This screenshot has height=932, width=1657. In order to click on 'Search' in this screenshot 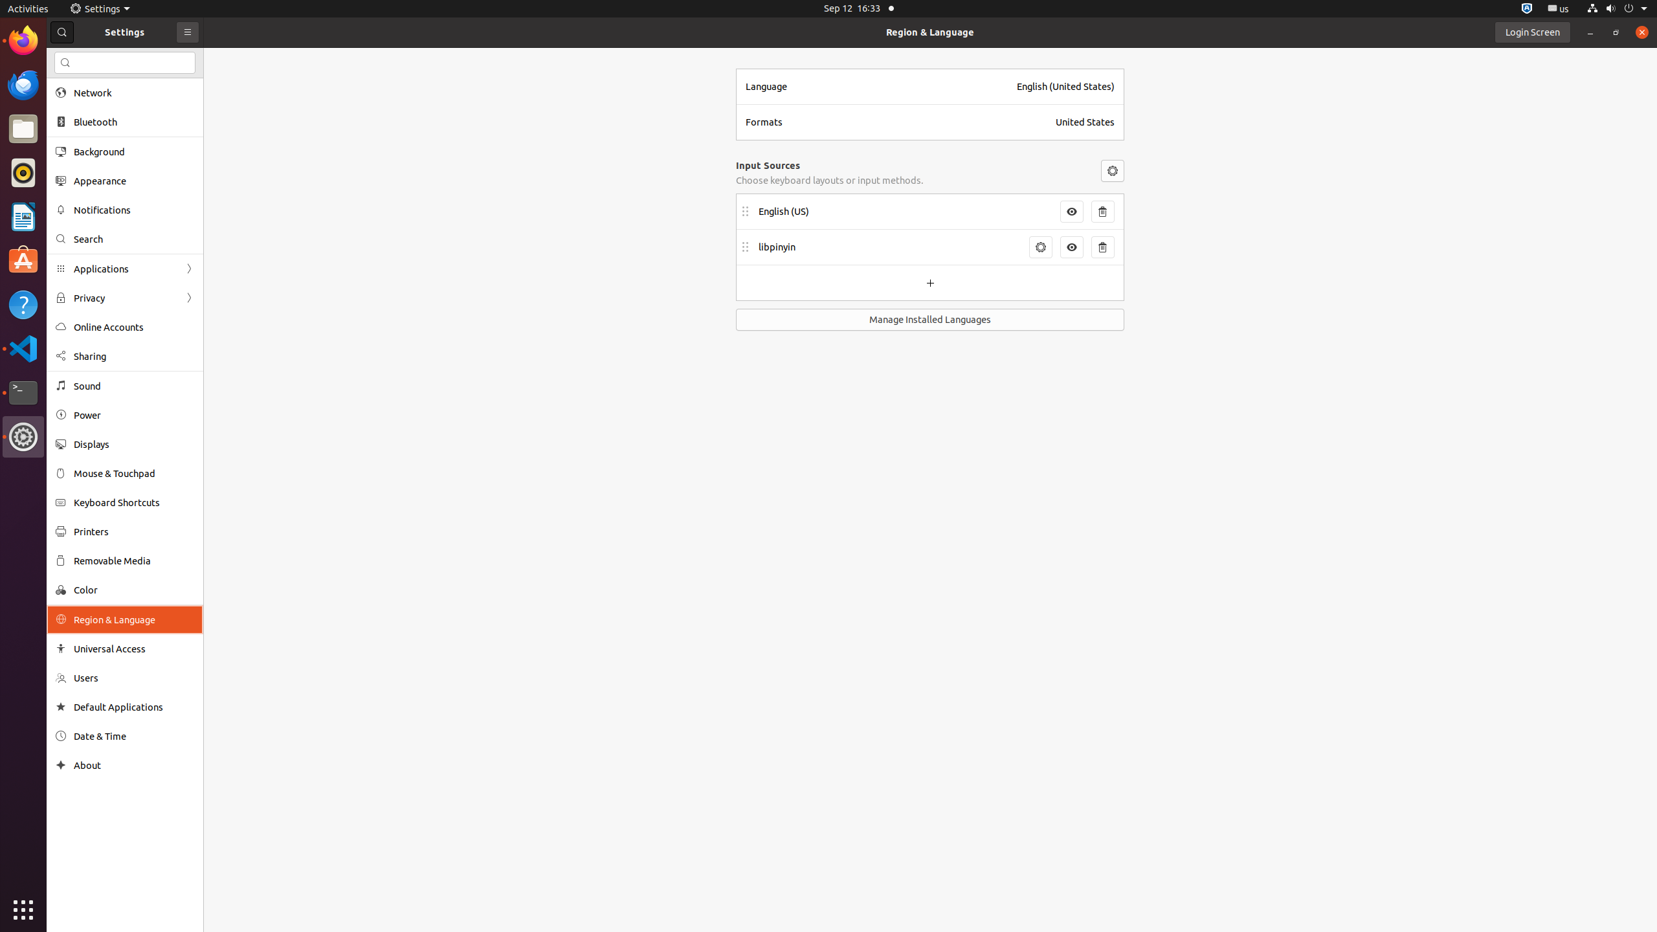, I will do `click(134, 238)`.